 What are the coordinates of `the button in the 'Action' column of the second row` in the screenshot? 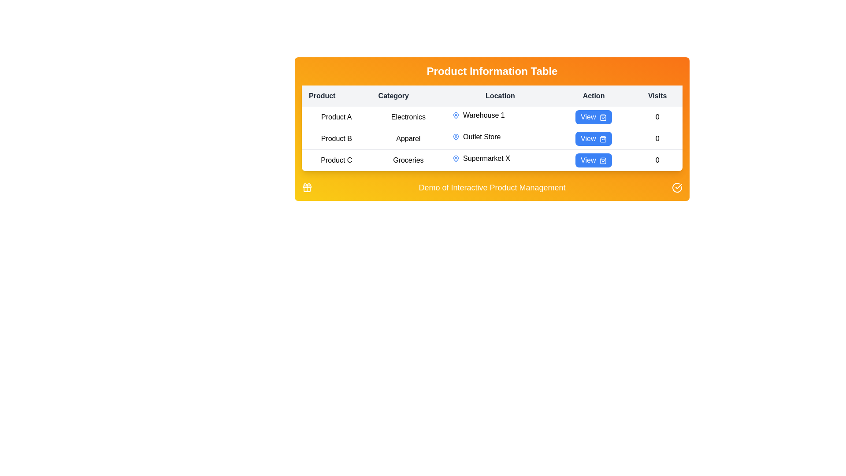 It's located at (594, 139).